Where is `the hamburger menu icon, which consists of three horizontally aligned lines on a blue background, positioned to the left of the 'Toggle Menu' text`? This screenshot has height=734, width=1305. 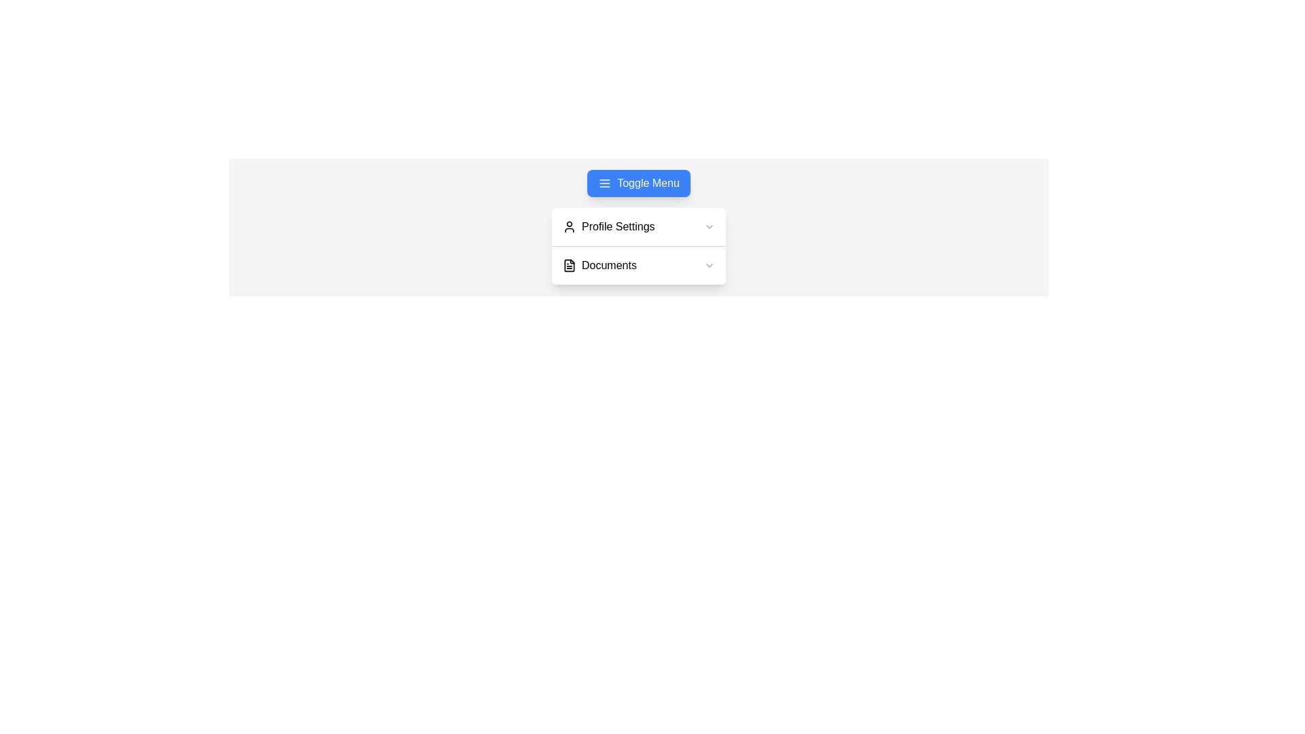 the hamburger menu icon, which consists of three horizontally aligned lines on a blue background, positioned to the left of the 'Toggle Menu' text is located at coordinates (604, 183).